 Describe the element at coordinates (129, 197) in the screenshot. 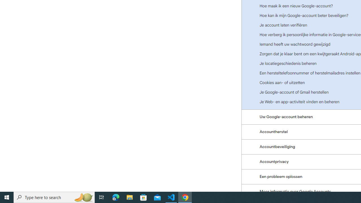

I see `'File Explorer'` at that location.